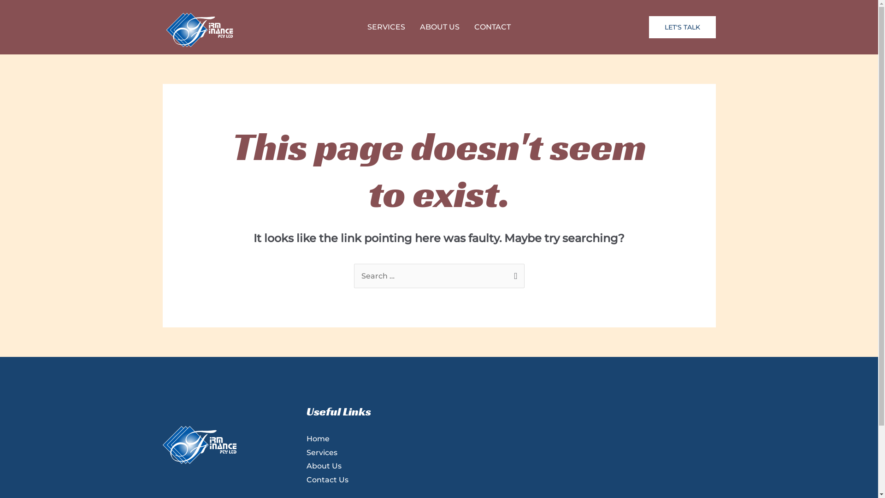 The image size is (885, 498). What do you see at coordinates (307, 466) in the screenshot?
I see `'About Us'` at bounding box center [307, 466].